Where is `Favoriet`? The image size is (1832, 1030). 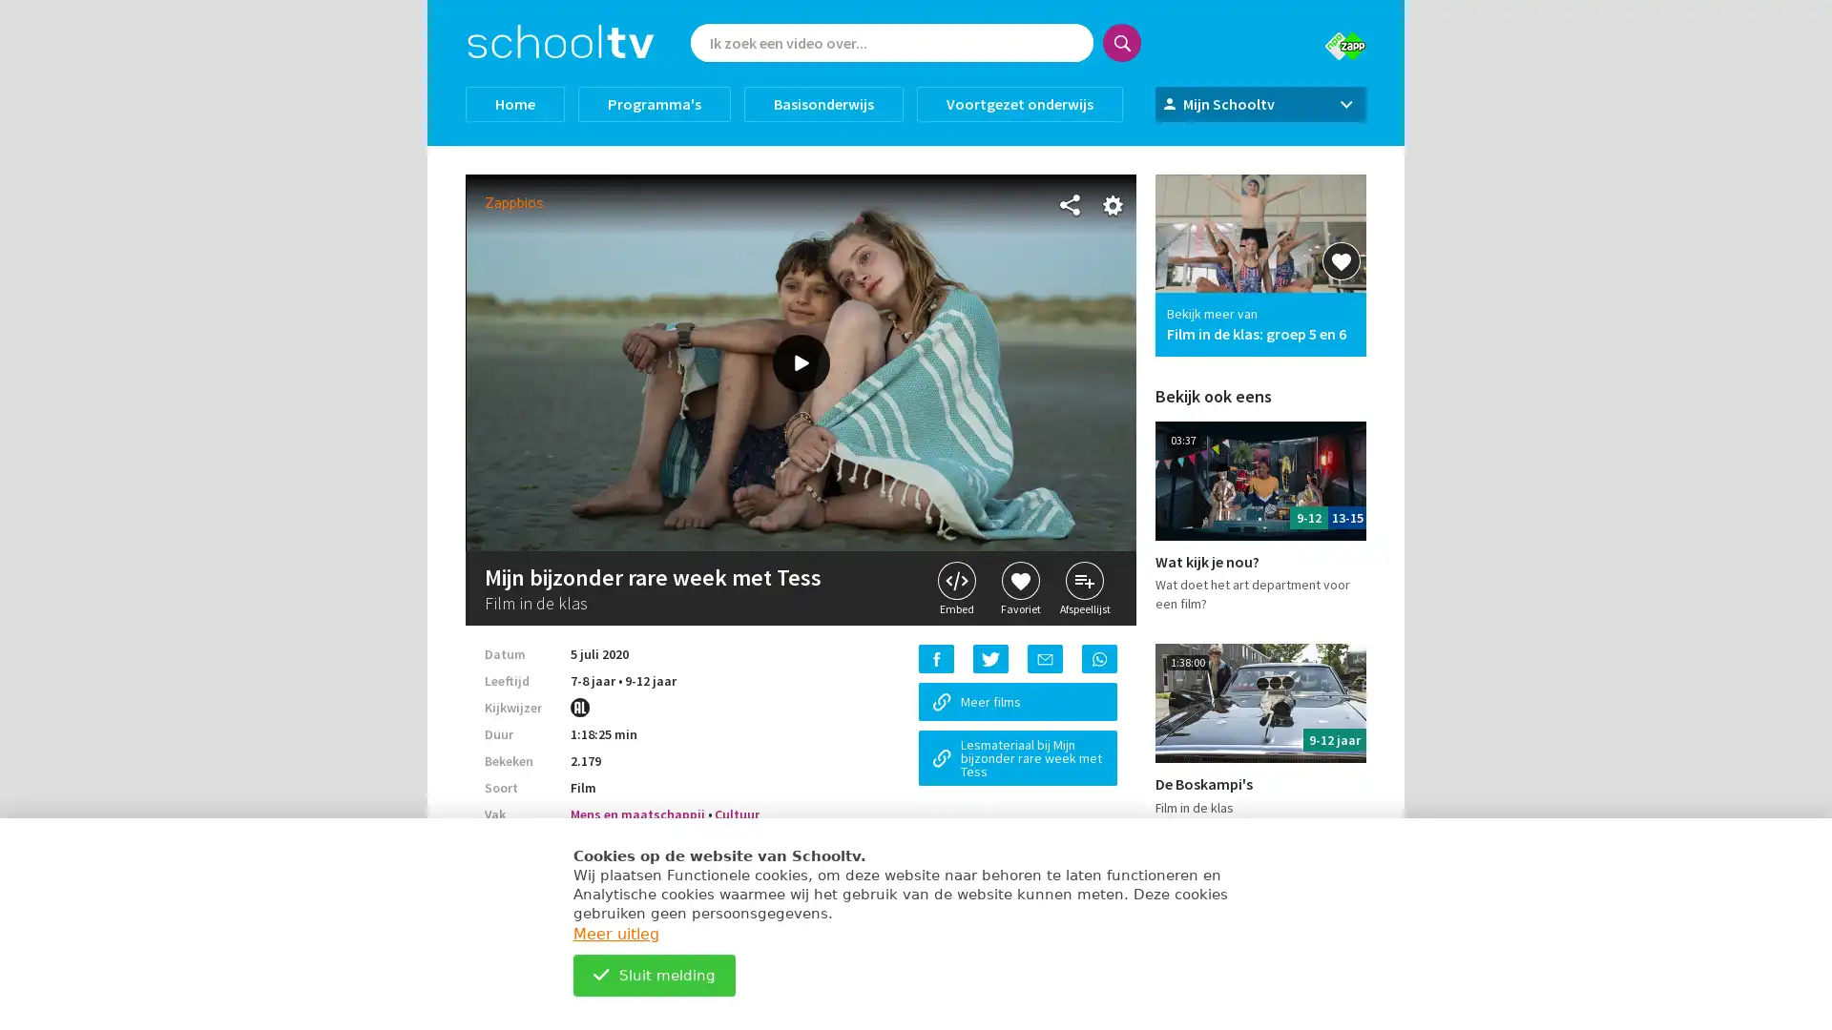
Favoriet is located at coordinates (1019, 587).